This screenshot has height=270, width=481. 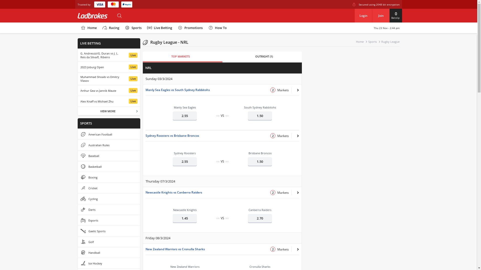 What do you see at coordinates (109, 166) in the screenshot?
I see `'Basketball'` at bounding box center [109, 166].